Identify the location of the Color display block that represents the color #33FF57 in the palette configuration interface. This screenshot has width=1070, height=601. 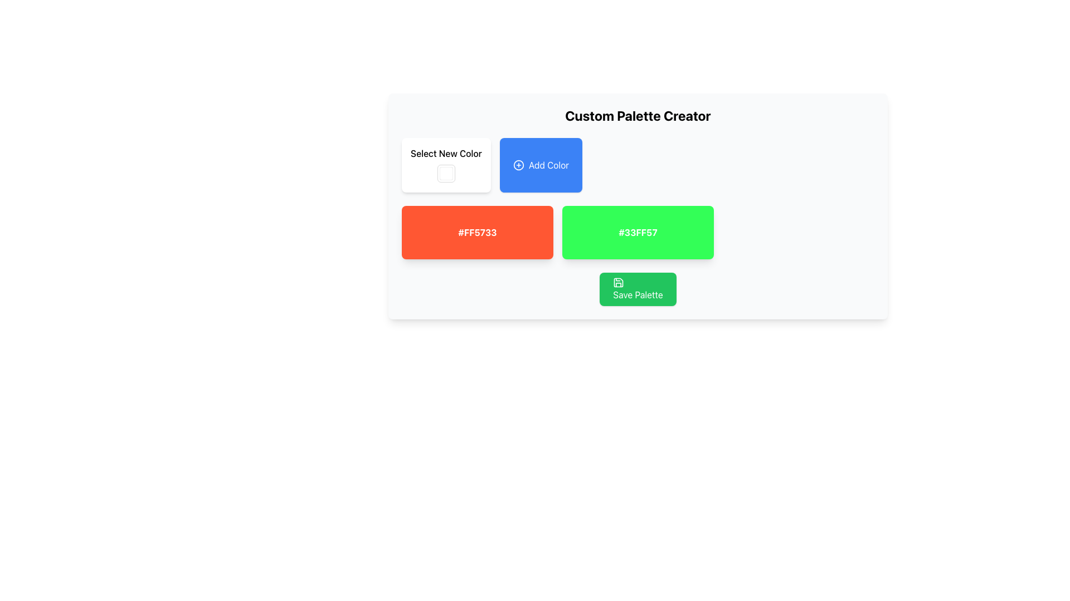
(638, 206).